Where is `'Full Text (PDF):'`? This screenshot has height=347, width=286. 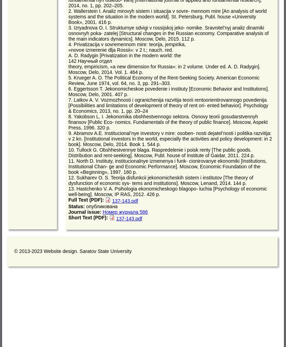 'Full Text (PDF):' is located at coordinates (87, 200).